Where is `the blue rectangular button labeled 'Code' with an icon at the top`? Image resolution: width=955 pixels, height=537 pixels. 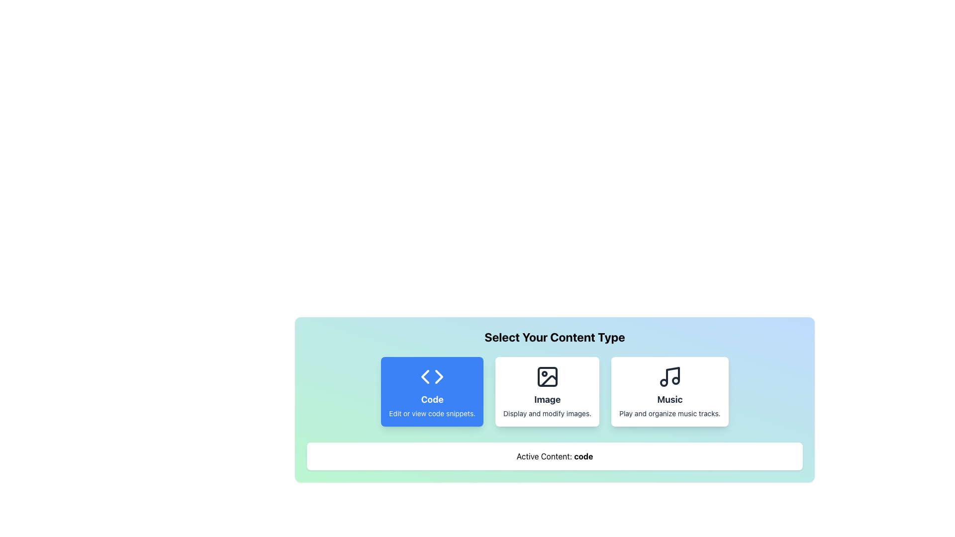
the blue rectangular button labeled 'Code' with an icon at the top is located at coordinates (432, 391).